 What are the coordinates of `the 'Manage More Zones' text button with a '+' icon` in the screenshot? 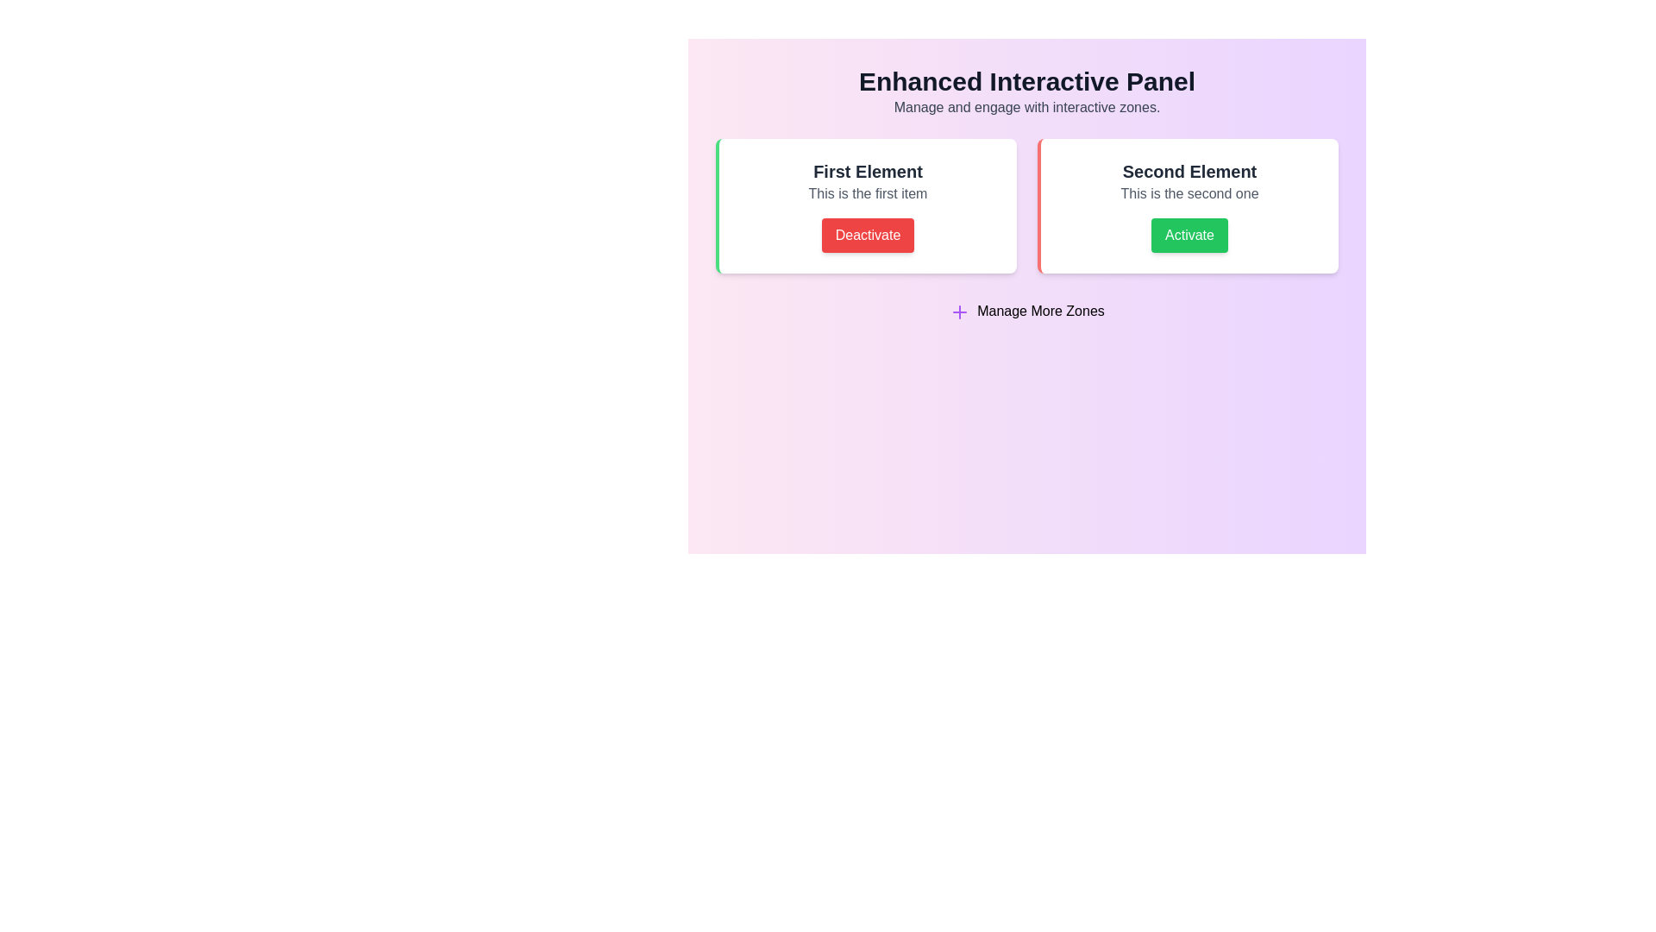 It's located at (1026, 312).